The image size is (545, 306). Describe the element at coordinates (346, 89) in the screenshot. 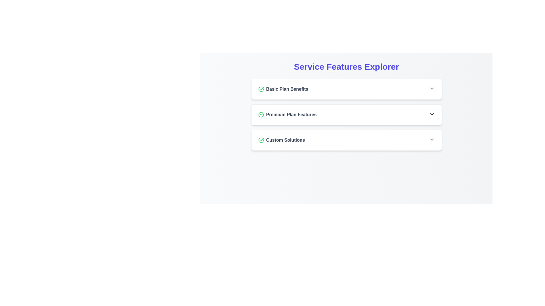

I see `the Collapsible section toggle for 'Basic Plan Benefits'` at that location.